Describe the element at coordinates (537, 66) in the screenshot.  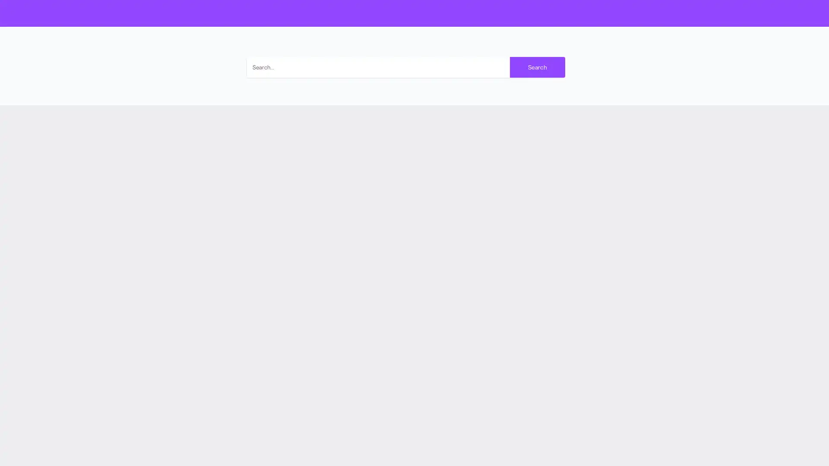
I see `Search` at that location.